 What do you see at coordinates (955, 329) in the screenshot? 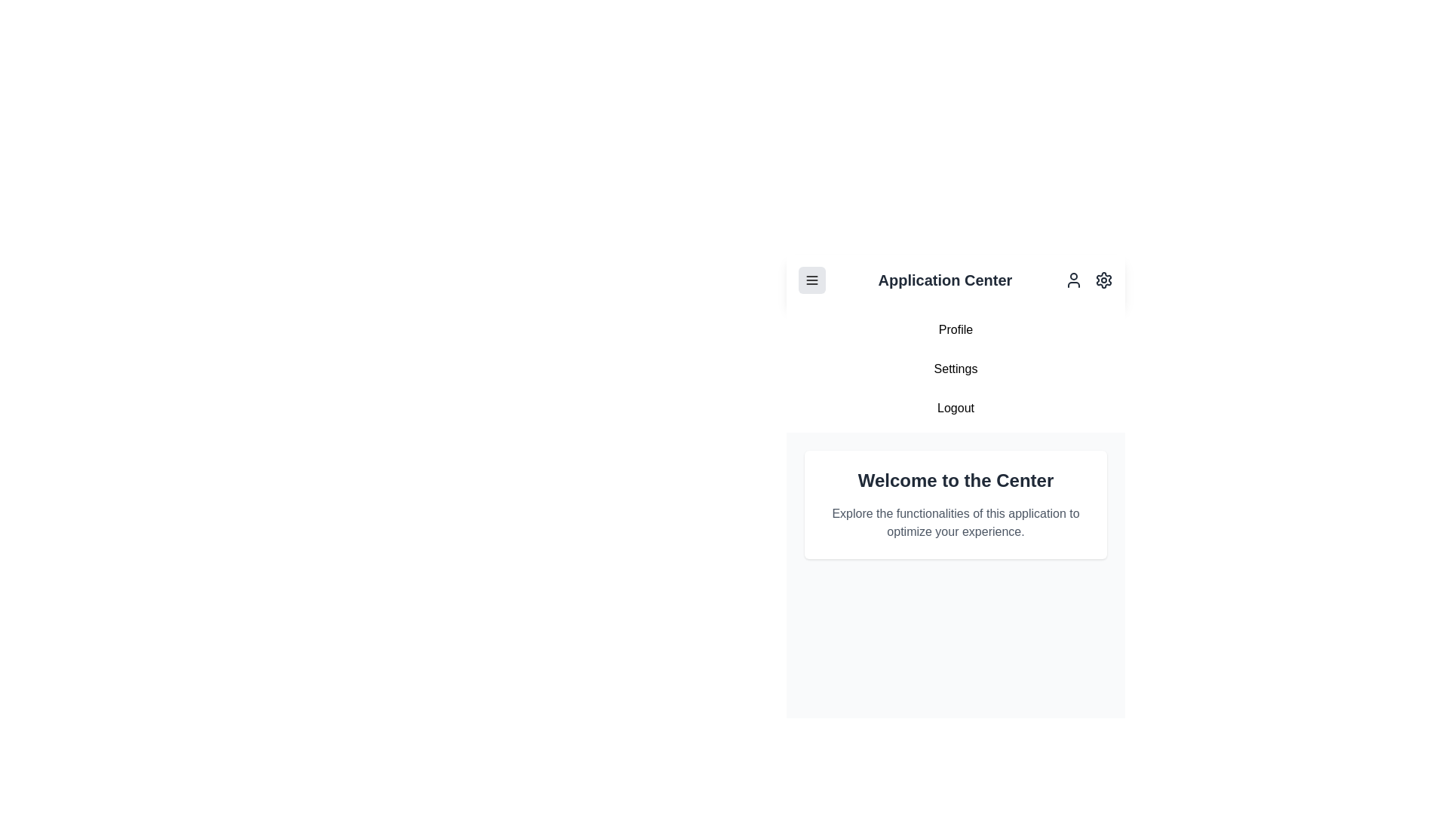
I see `the navigation menu item Profile` at bounding box center [955, 329].